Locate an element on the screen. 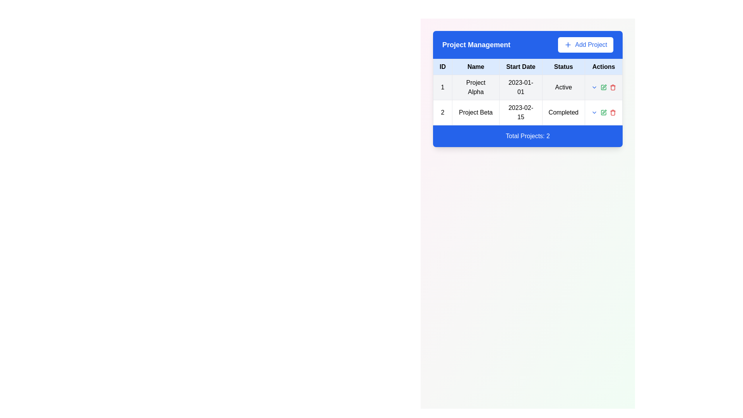 The image size is (743, 418). date from the Text Element that represents the start date of the project in the 'Project Management' table, located under the 'Start Date' column next to 'Project Beta' is located at coordinates (520, 112).